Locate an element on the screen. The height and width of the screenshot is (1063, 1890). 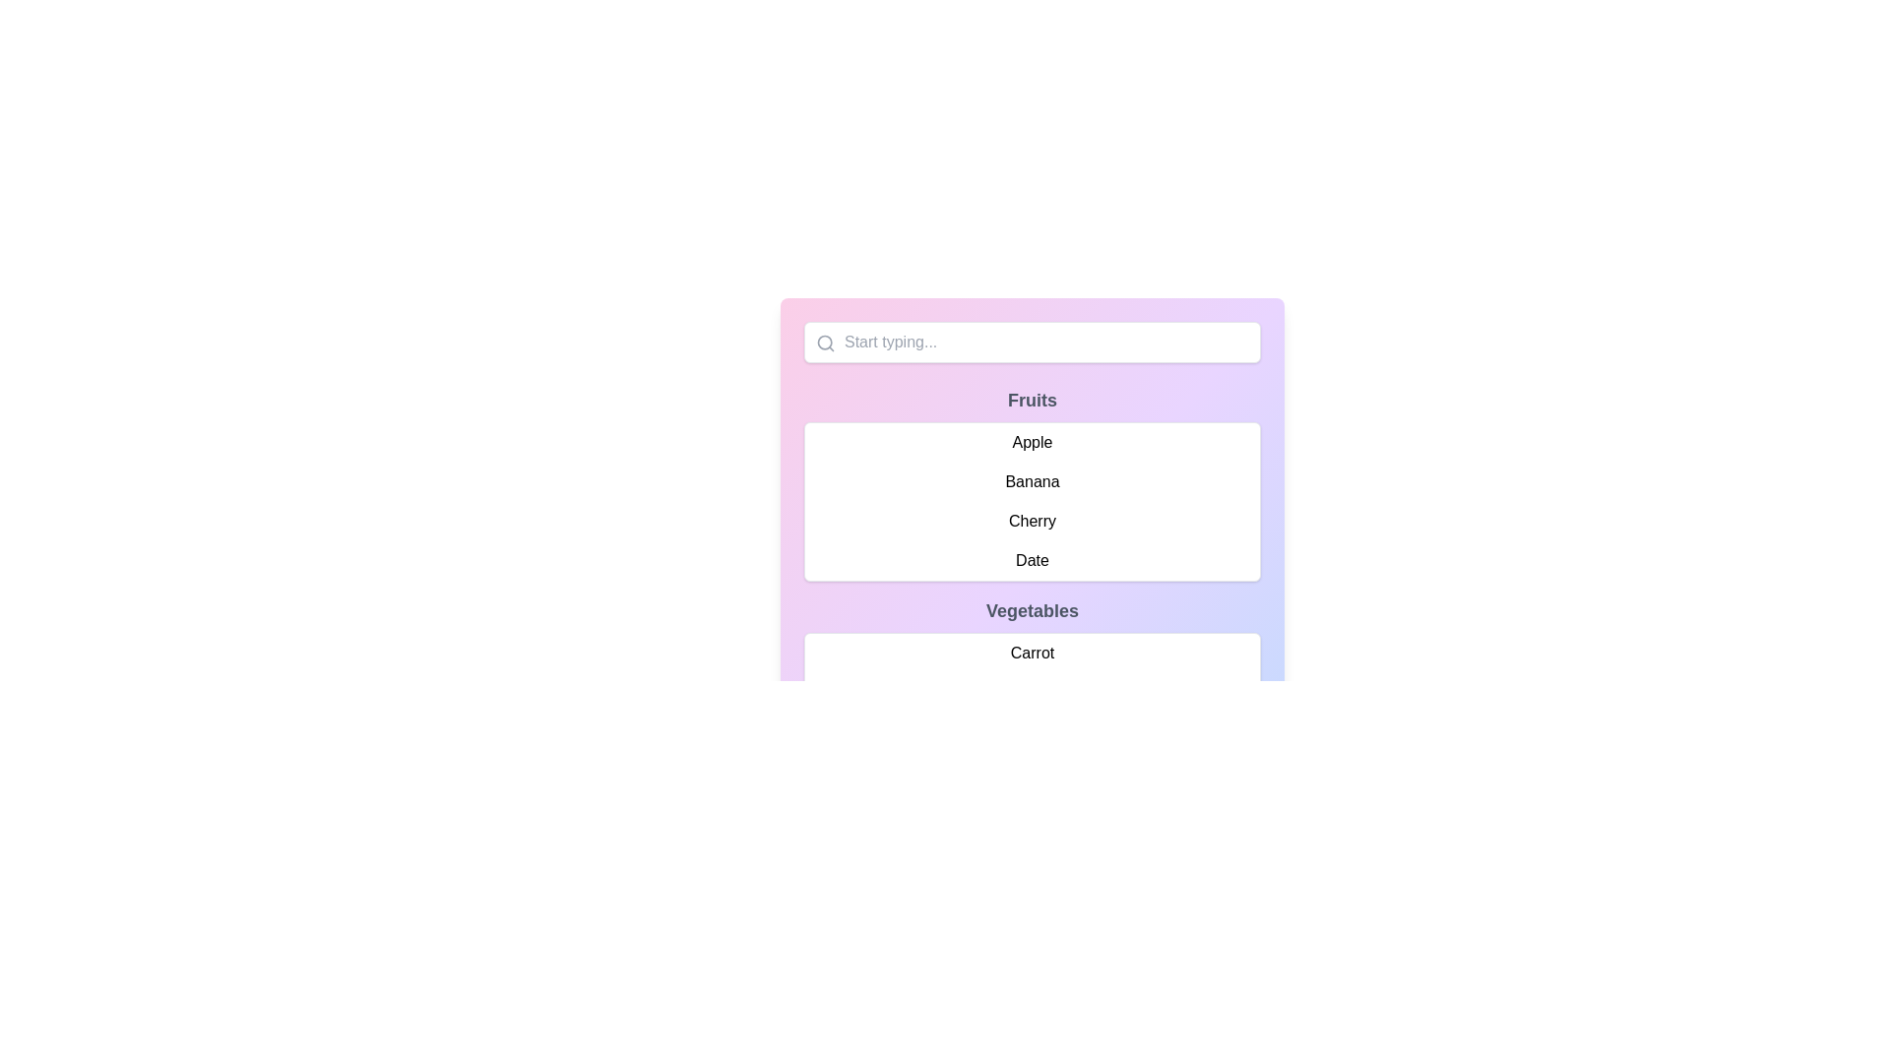
the search icon located on the left side of the input field labeled 'Start typing...' is located at coordinates (826, 342).